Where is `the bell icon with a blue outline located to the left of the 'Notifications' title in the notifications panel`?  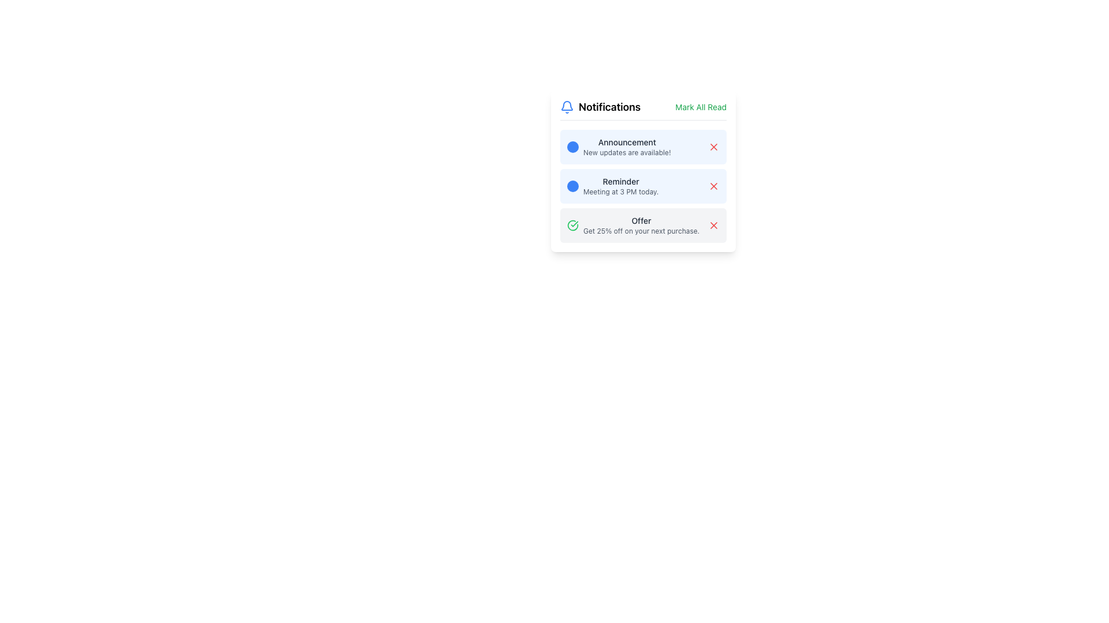 the bell icon with a blue outline located to the left of the 'Notifications' title in the notifications panel is located at coordinates (567, 107).